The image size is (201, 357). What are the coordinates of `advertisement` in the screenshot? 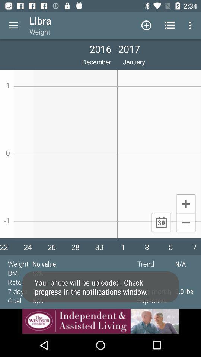 It's located at (100, 321).